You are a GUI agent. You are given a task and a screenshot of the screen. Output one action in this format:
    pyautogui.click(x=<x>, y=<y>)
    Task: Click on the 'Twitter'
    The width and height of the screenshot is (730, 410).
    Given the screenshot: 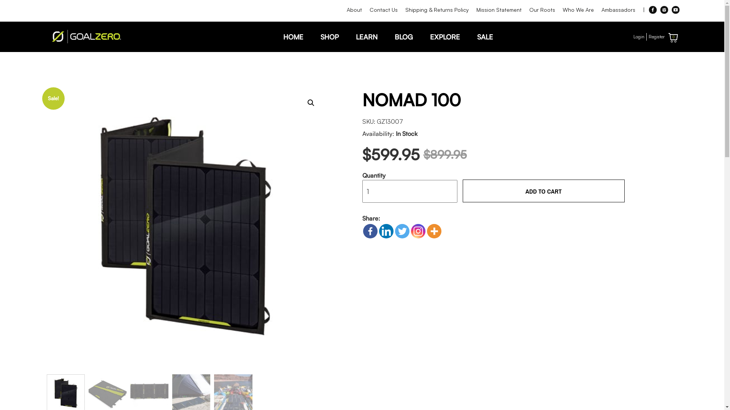 What is the action you would take?
    pyautogui.click(x=401, y=231)
    